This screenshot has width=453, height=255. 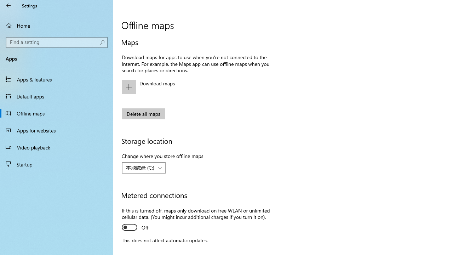 What do you see at coordinates (57, 130) in the screenshot?
I see `'Apps for websites'` at bounding box center [57, 130].